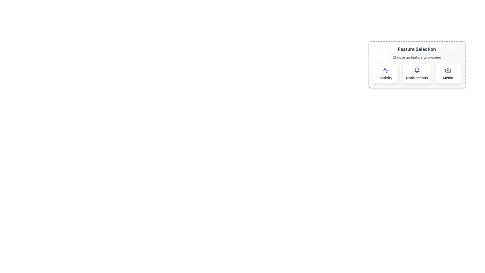  Describe the element at coordinates (385, 70) in the screenshot. I see `the 'Activity' icon located within the SVG graphic beneath the 'Feature Selection' heading` at that location.